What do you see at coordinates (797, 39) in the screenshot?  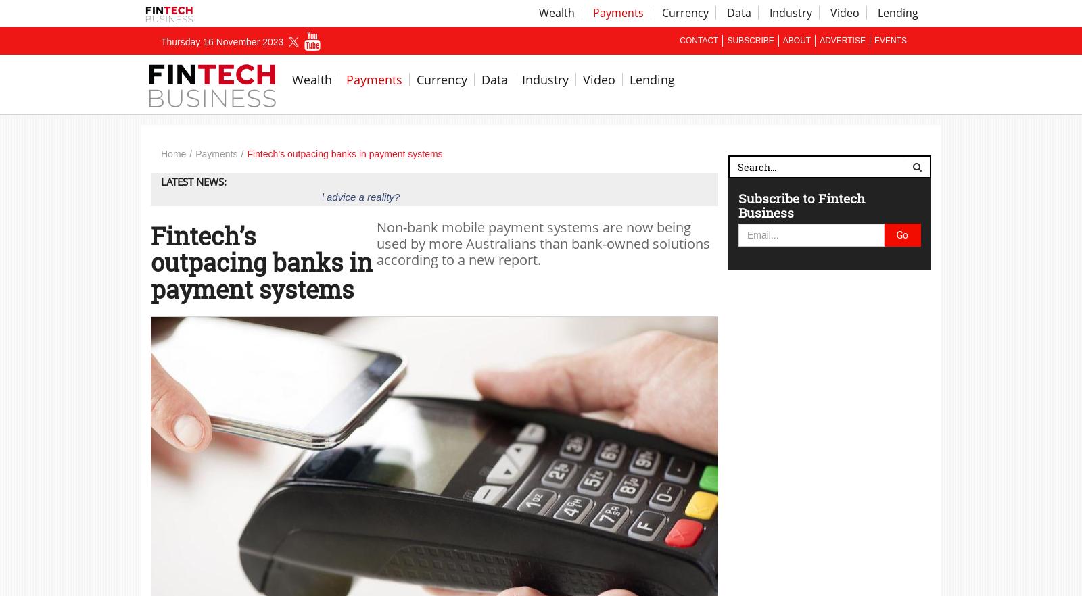 I see `'About'` at bounding box center [797, 39].